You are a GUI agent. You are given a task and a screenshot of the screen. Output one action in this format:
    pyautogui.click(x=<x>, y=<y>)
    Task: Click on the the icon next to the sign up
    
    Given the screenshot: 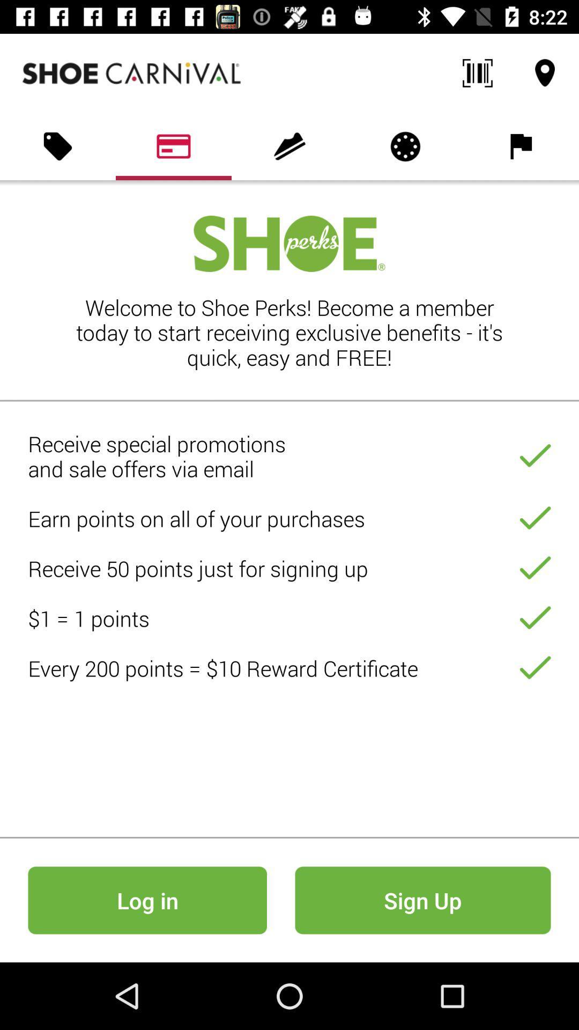 What is the action you would take?
    pyautogui.click(x=147, y=900)
    